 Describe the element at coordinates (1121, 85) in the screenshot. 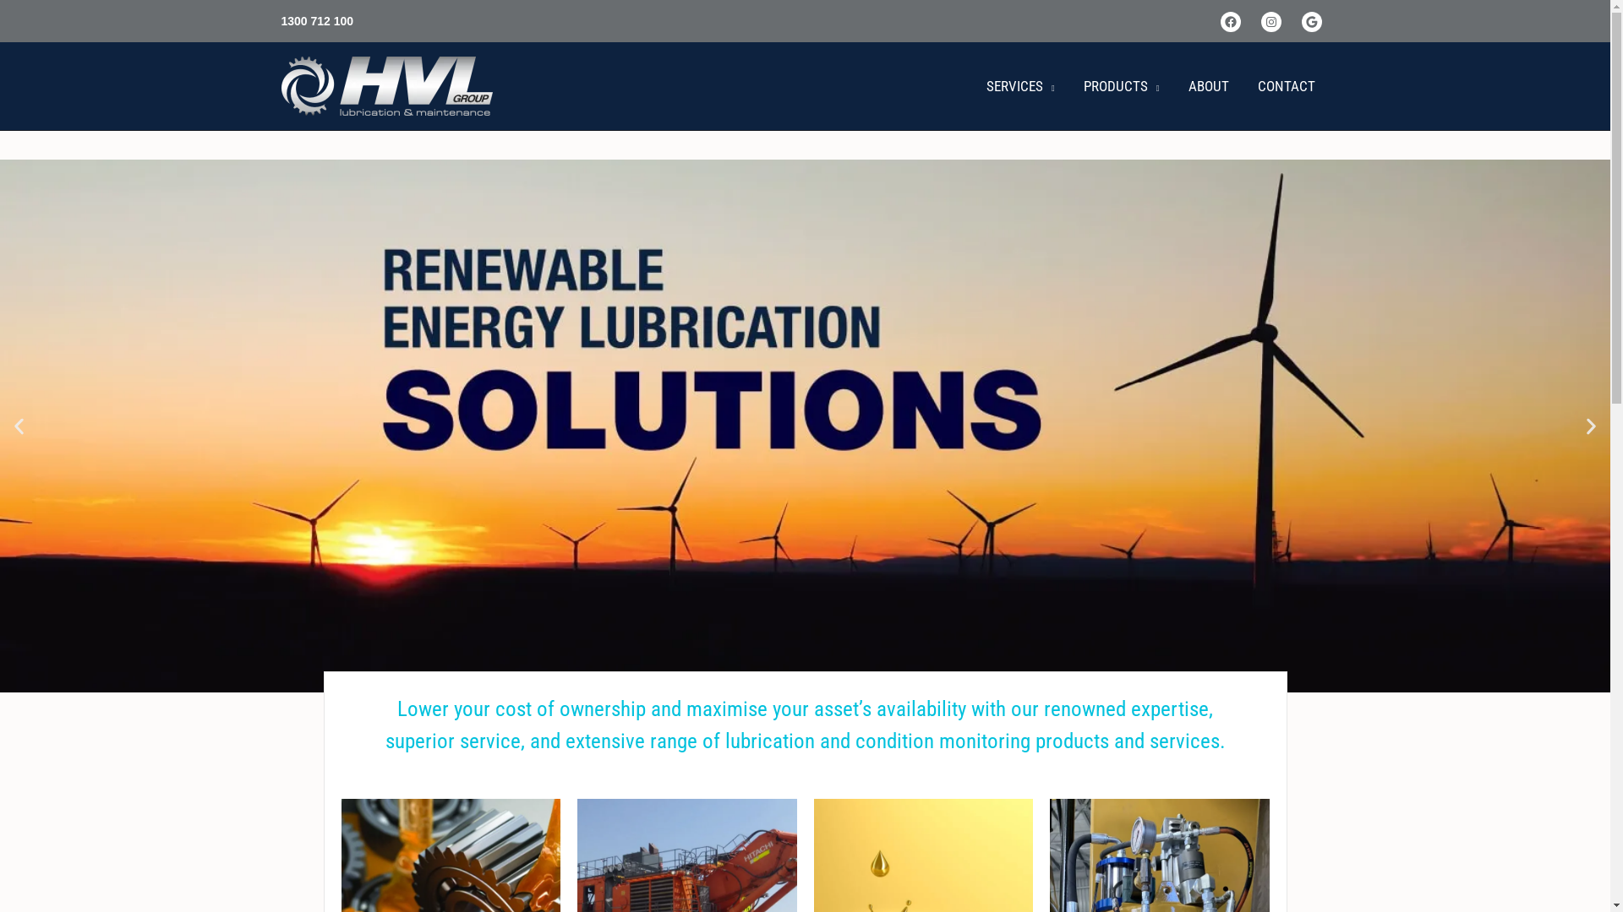

I see `'PRODUCTS'` at that location.